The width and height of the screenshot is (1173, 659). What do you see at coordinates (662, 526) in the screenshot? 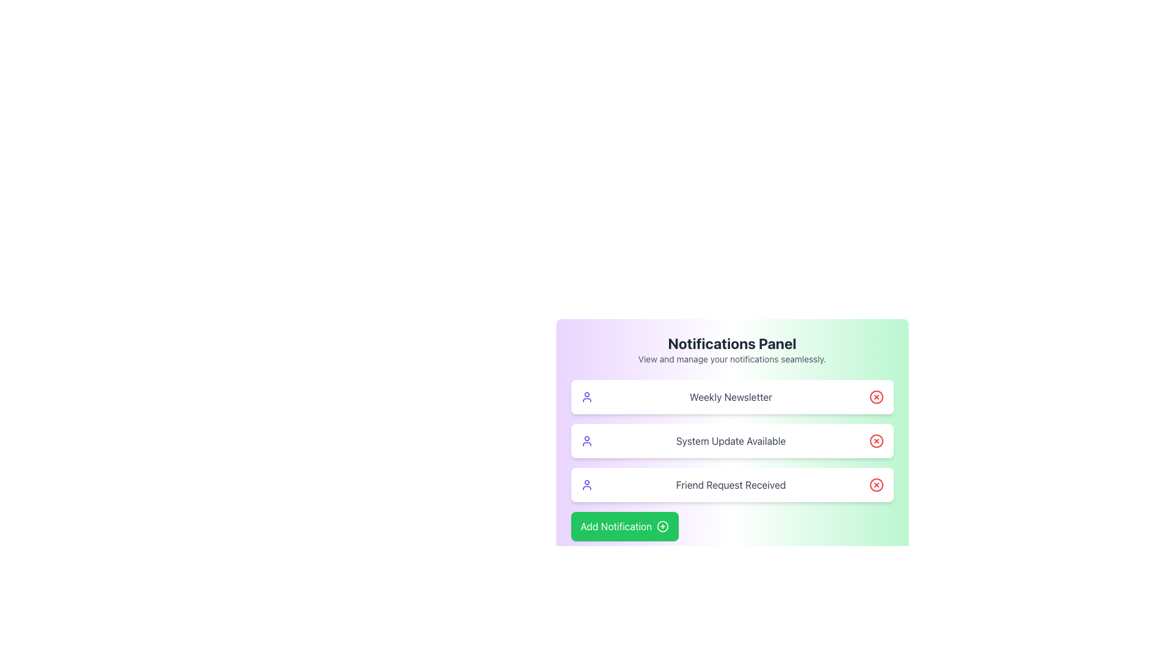
I see `the circular icon with a plus sign inside, which is centered to the right of the 'Add Notification' button` at bounding box center [662, 526].